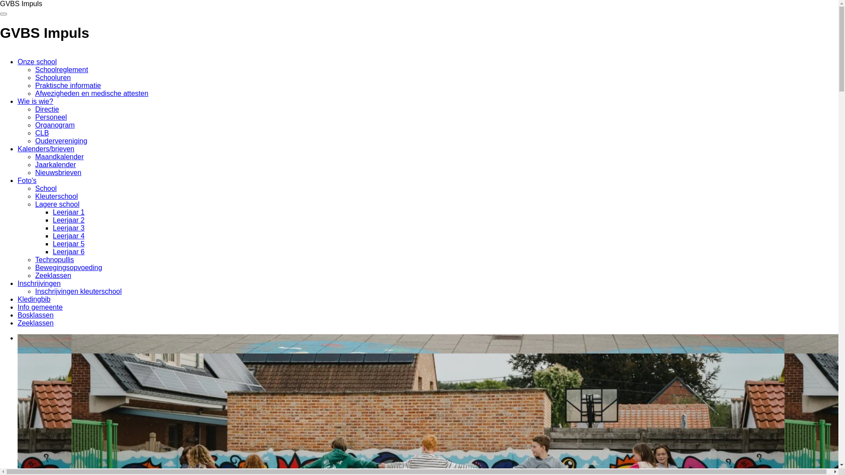 The height and width of the screenshot is (475, 845). What do you see at coordinates (35, 101) in the screenshot?
I see `'Wie is wie?'` at bounding box center [35, 101].